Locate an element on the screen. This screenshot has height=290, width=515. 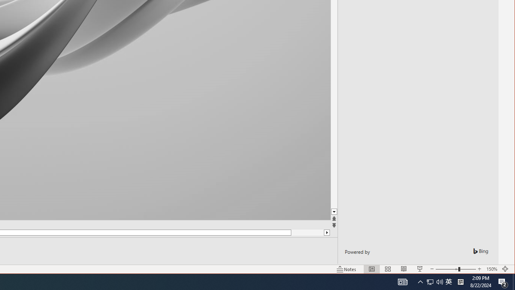
'Zoom 150%' is located at coordinates (491, 269).